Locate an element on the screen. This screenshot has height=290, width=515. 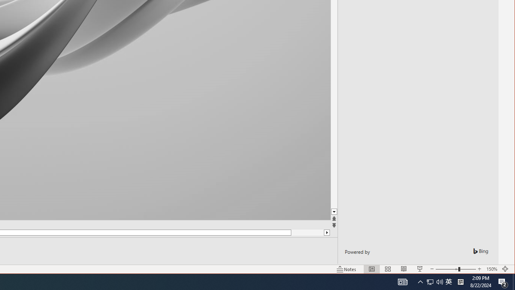
'Zoom 150%' is located at coordinates (491, 269).